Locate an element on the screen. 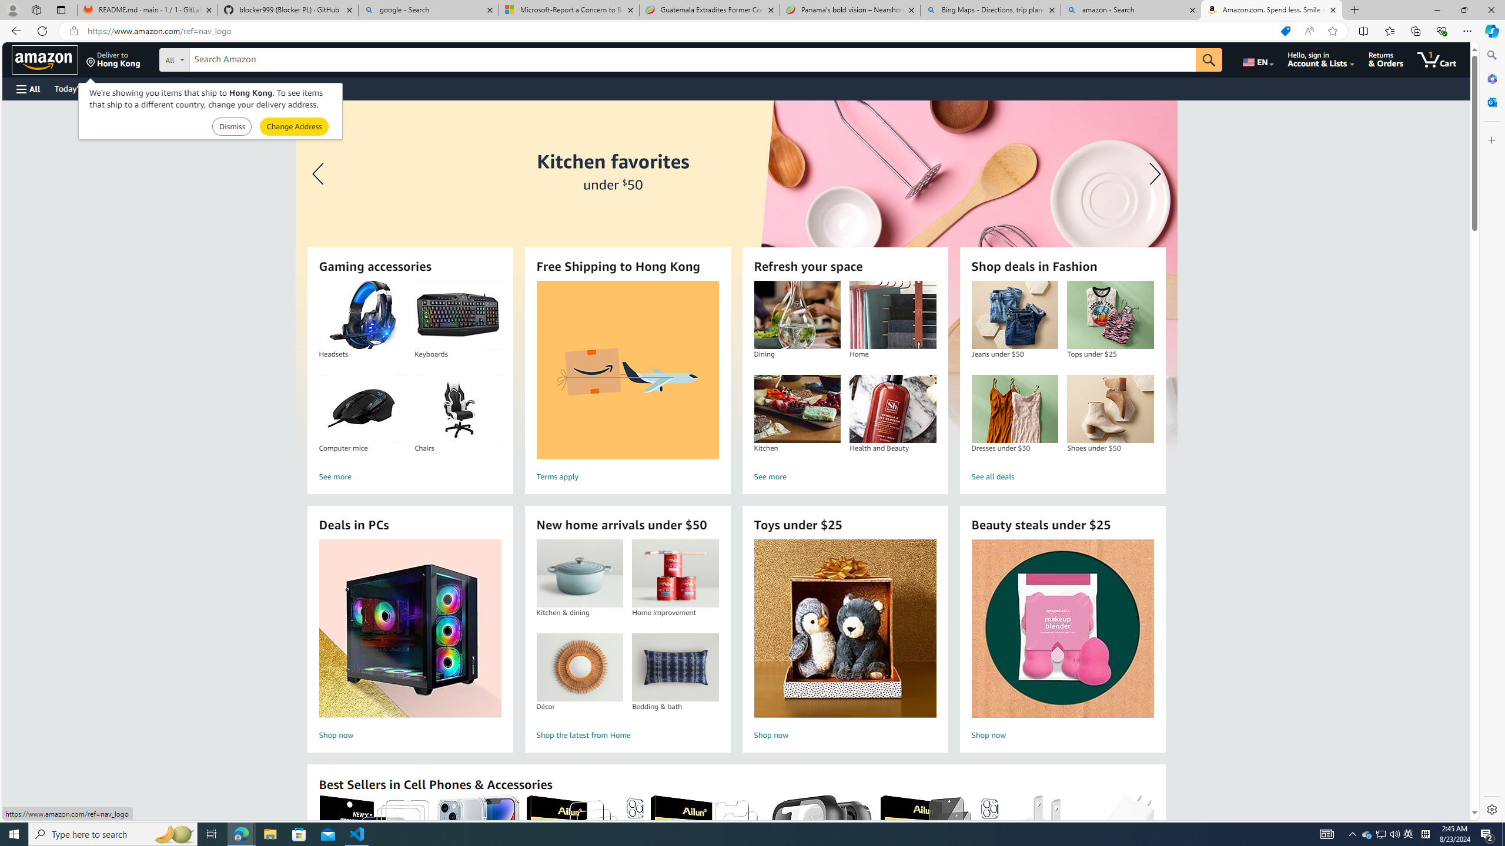 The image size is (1505, 846). 'Minimize' is located at coordinates (1436, 9).